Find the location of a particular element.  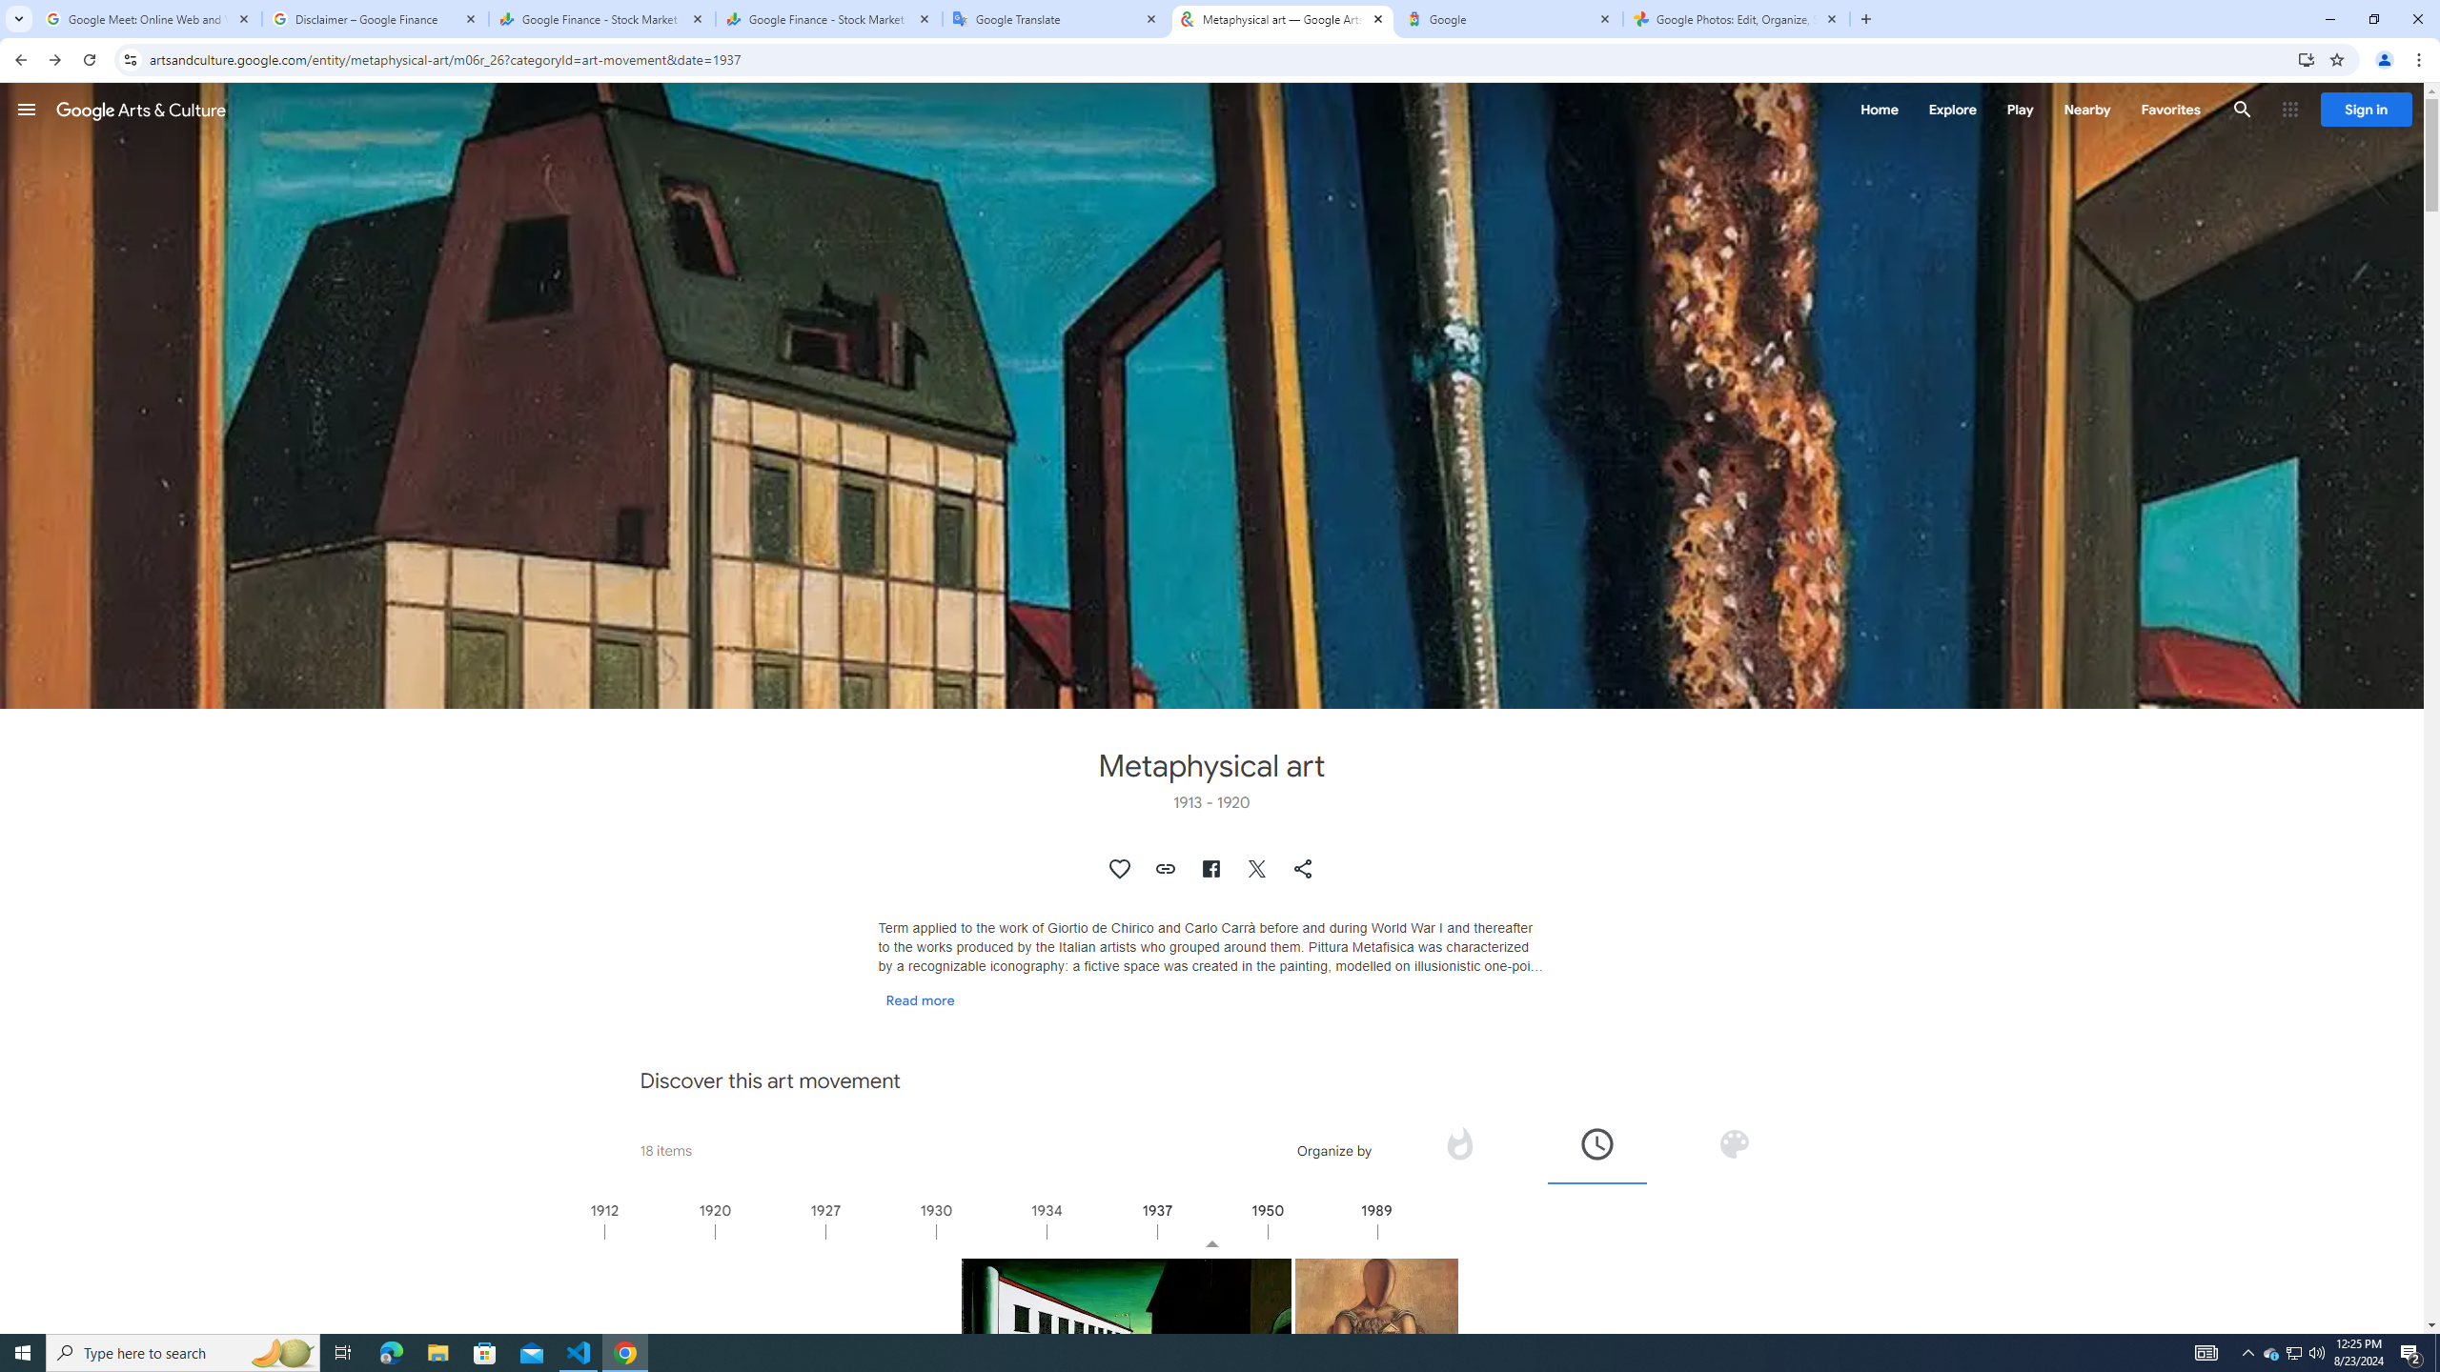

'Organize by color' is located at coordinates (1733, 1149).